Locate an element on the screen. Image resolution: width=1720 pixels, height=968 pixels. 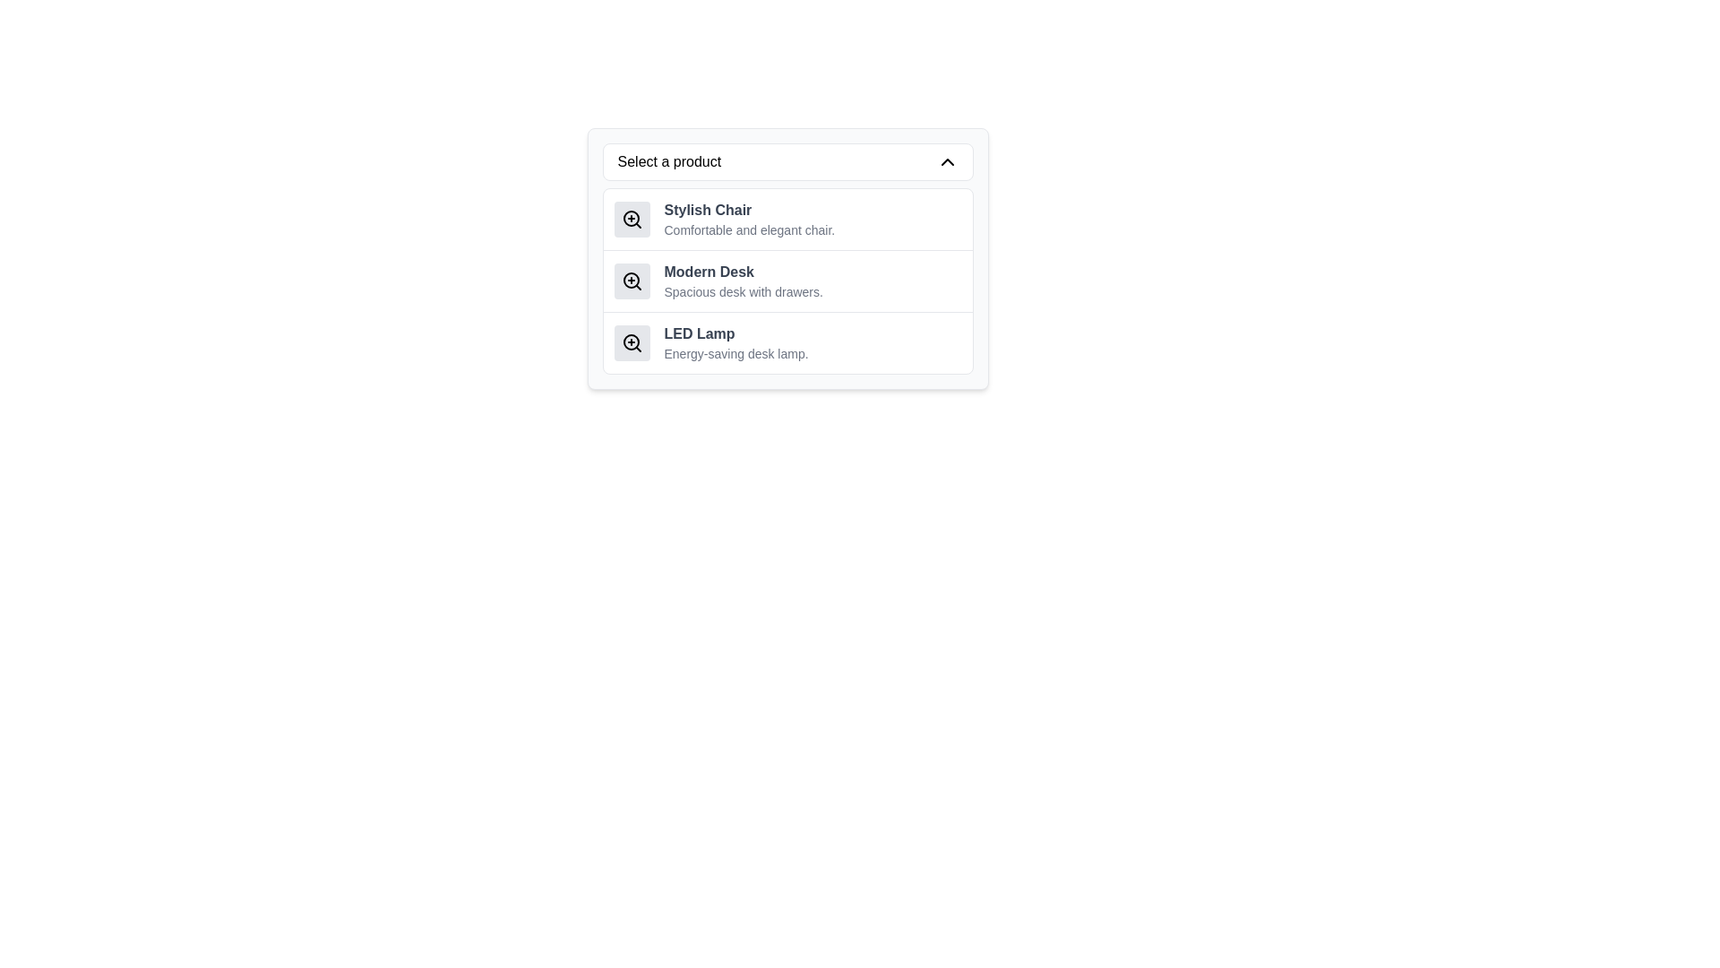
the Icon button with a magnifying glass and plus sign to zoom in on the product details for 'Modern Desk' is located at coordinates (632, 281).